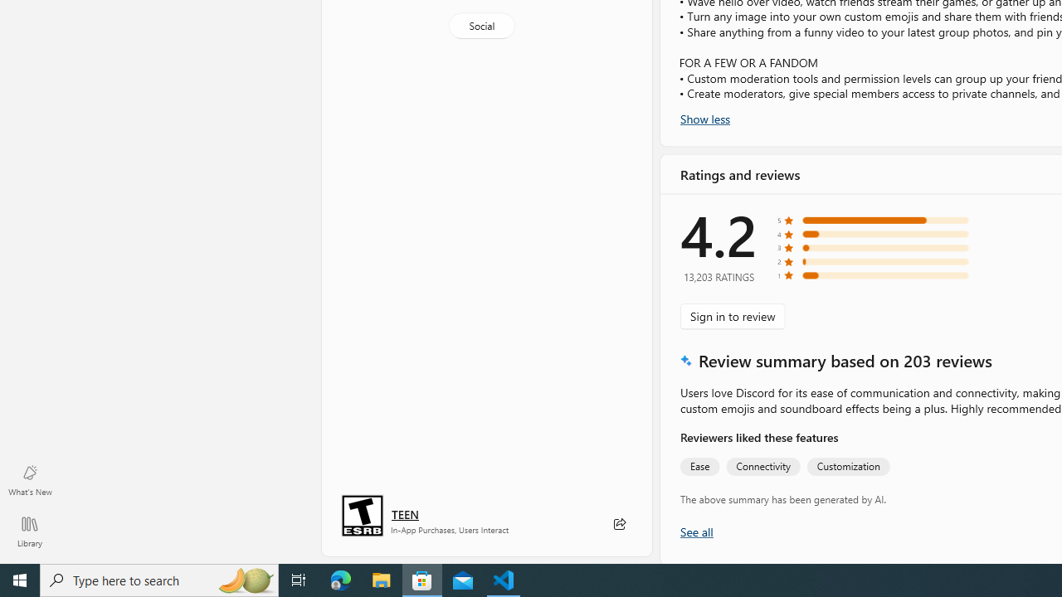 The width and height of the screenshot is (1062, 597). Describe the element at coordinates (480, 25) in the screenshot. I see `'Social'` at that location.